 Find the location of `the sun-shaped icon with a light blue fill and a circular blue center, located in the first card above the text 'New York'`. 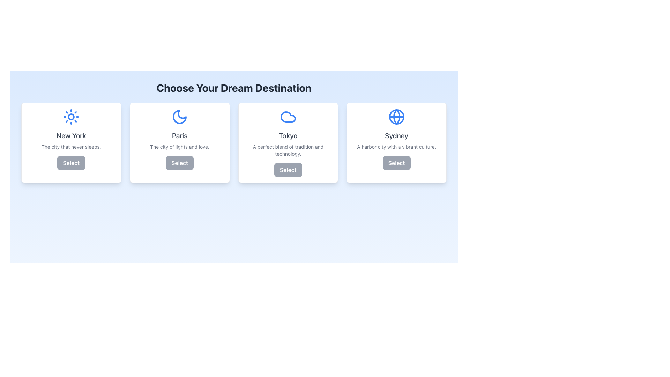

the sun-shaped icon with a light blue fill and a circular blue center, located in the first card above the text 'New York' is located at coordinates (71, 117).